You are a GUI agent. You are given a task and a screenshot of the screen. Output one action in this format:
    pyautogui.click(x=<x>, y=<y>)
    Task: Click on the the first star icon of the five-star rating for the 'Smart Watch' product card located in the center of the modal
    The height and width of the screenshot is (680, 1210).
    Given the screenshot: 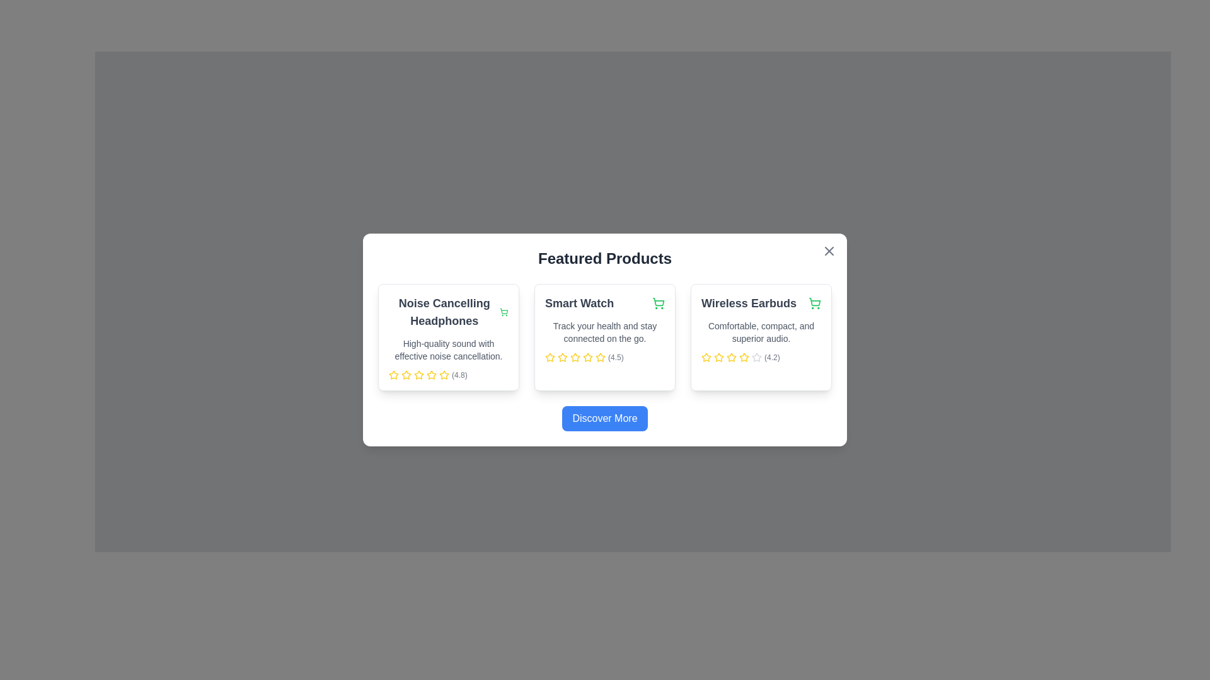 What is the action you would take?
    pyautogui.click(x=550, y=357)
    